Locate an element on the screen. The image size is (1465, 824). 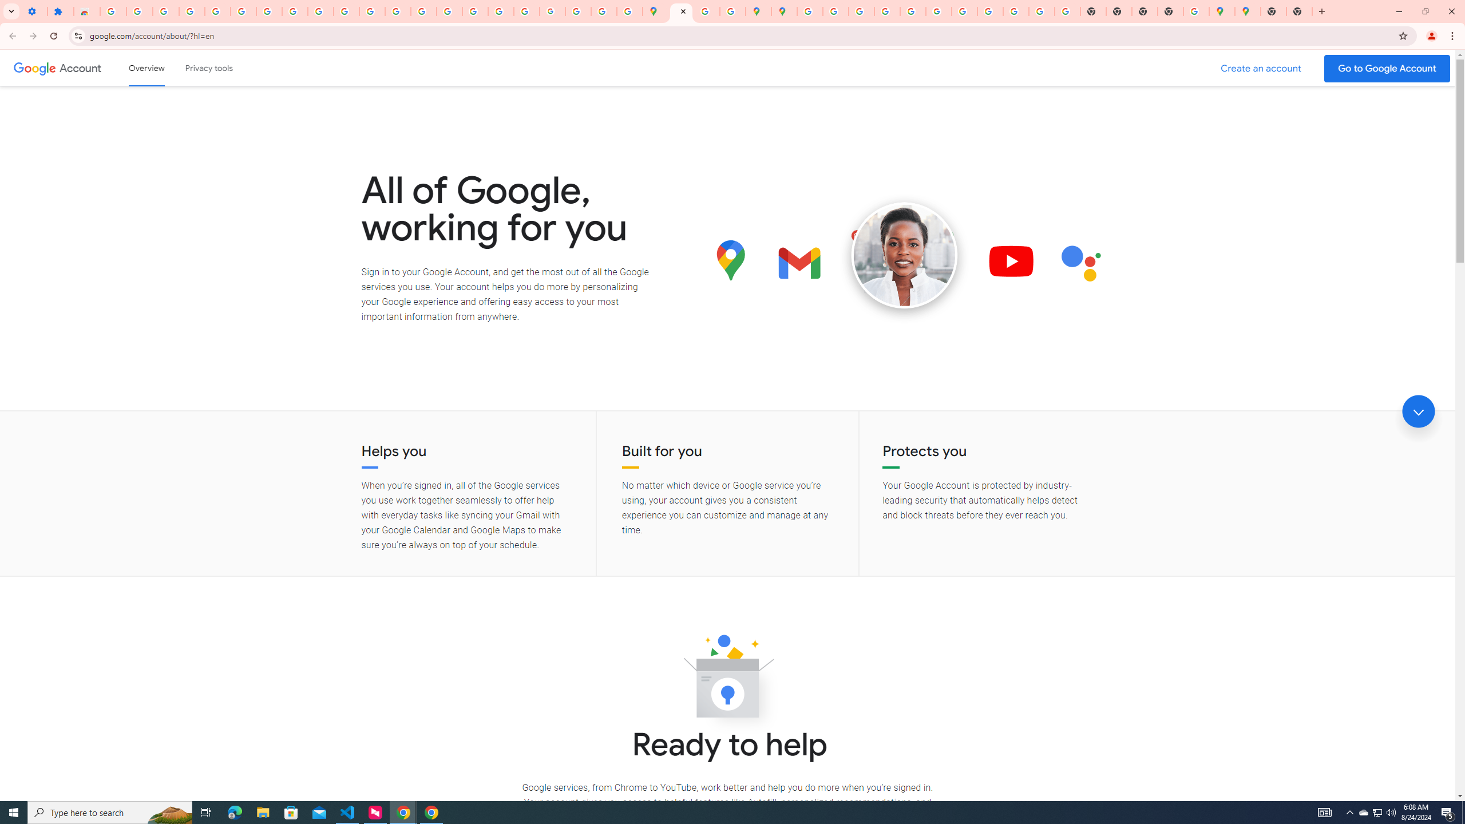
'Use Google Maps in Space - Google Maps Help' is located at coordinates (1196, 11).